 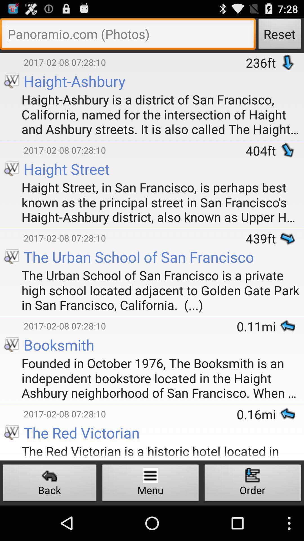 I want to click on the icon next to haight street in icon, so click(x=12, y=230).